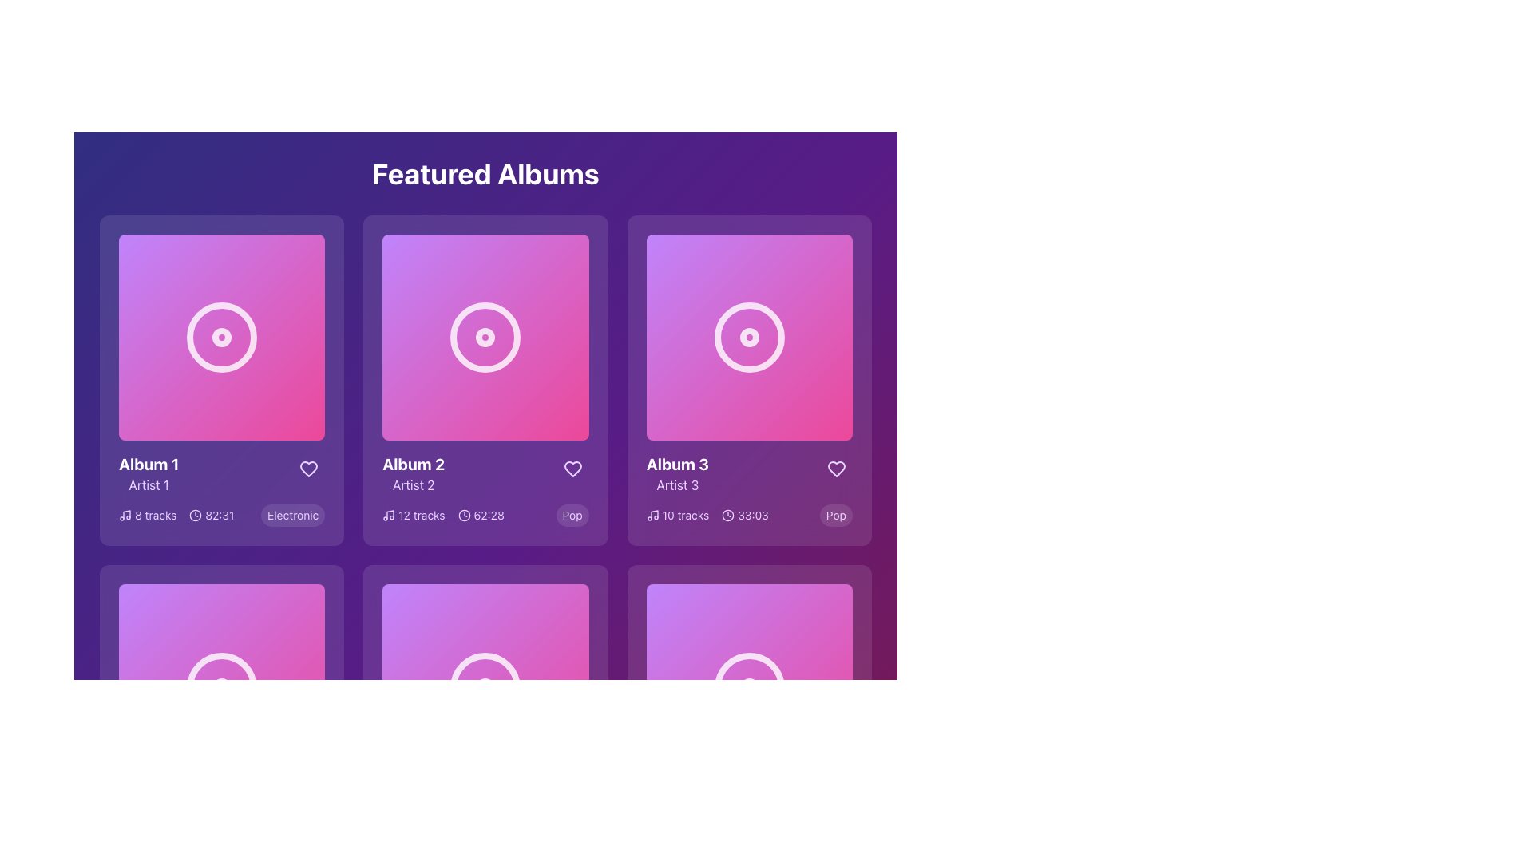  What do you see at coordinates (149, 484) in the screenshot?
I see `the text label that displays the name of the artist associated with the album, which is located directly underneath the 'Album 1' label in the first card of the 'Featured Albums' section` at bounding box center [149, 484].